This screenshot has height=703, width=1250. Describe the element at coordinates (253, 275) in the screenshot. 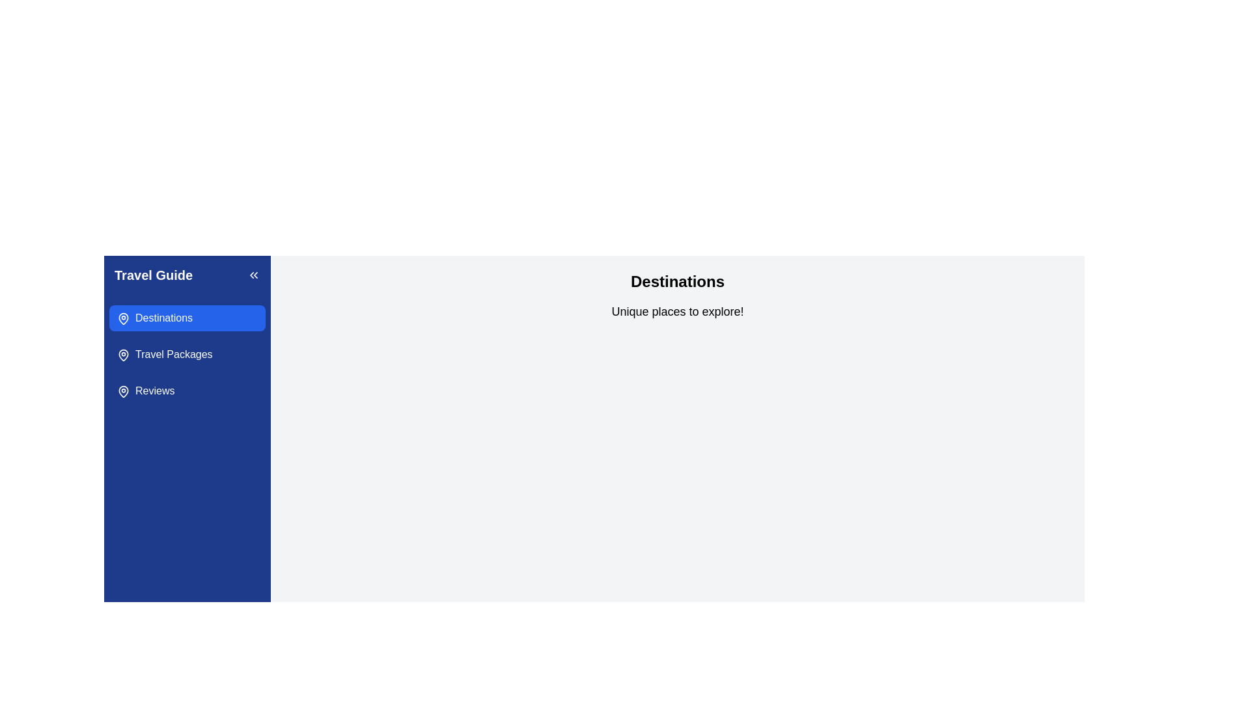

I see `the button located to the right of the 'Travel Guide' label in the section header by navigating with the keyboard` at that location.